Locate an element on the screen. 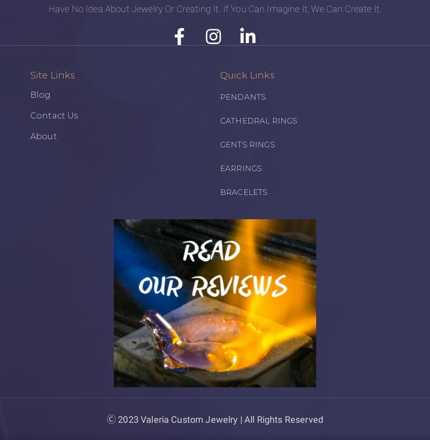 The width and height of the screenshot is (430, 440). 'BRACELETS' is located at coordinates (244, 191).